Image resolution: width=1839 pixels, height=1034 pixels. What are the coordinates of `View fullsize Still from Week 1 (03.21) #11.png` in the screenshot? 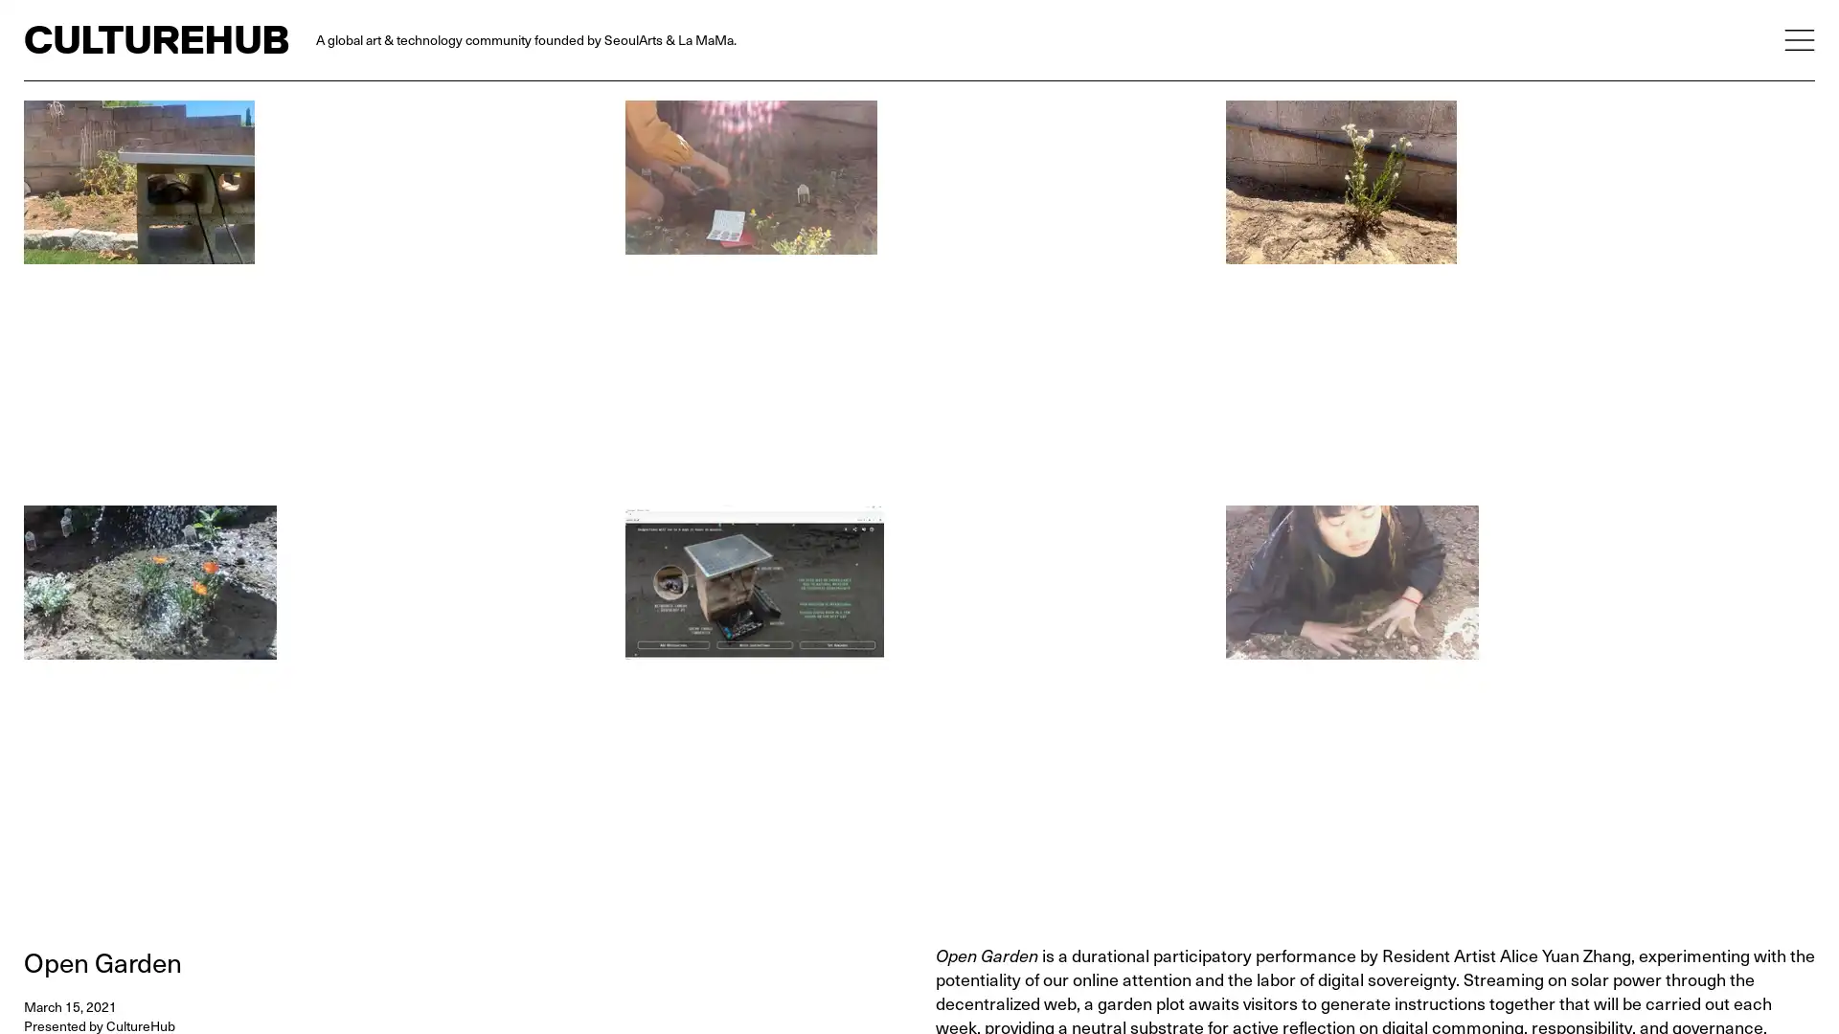 It's located at (317, 701).